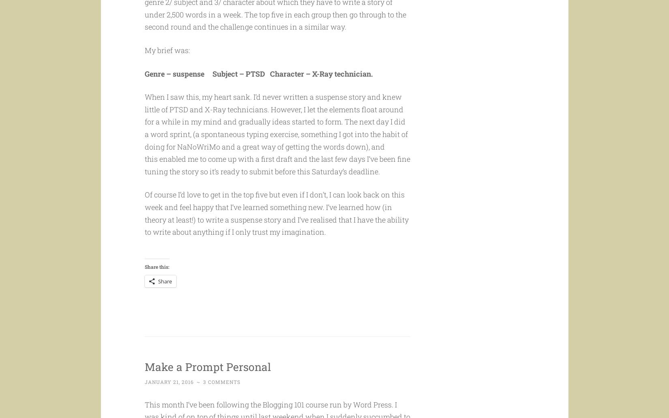 The width and height of the screenshot is (669, 418). What do you see at coordinates (157, 282) in the screenshot?
I see `'Share this:'` at bounding box center [157, 282].